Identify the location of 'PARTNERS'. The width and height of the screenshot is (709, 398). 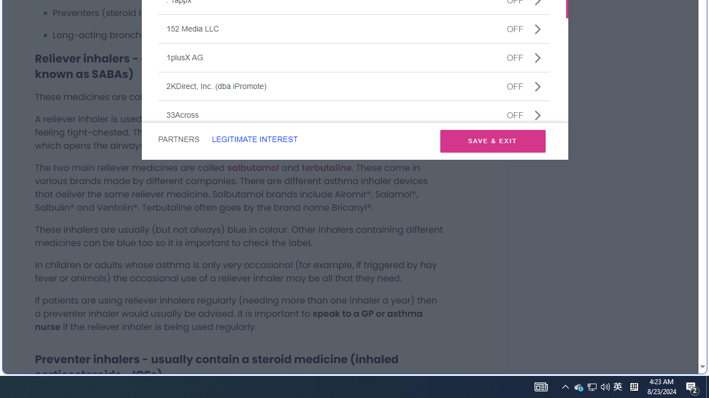
(179, 138).